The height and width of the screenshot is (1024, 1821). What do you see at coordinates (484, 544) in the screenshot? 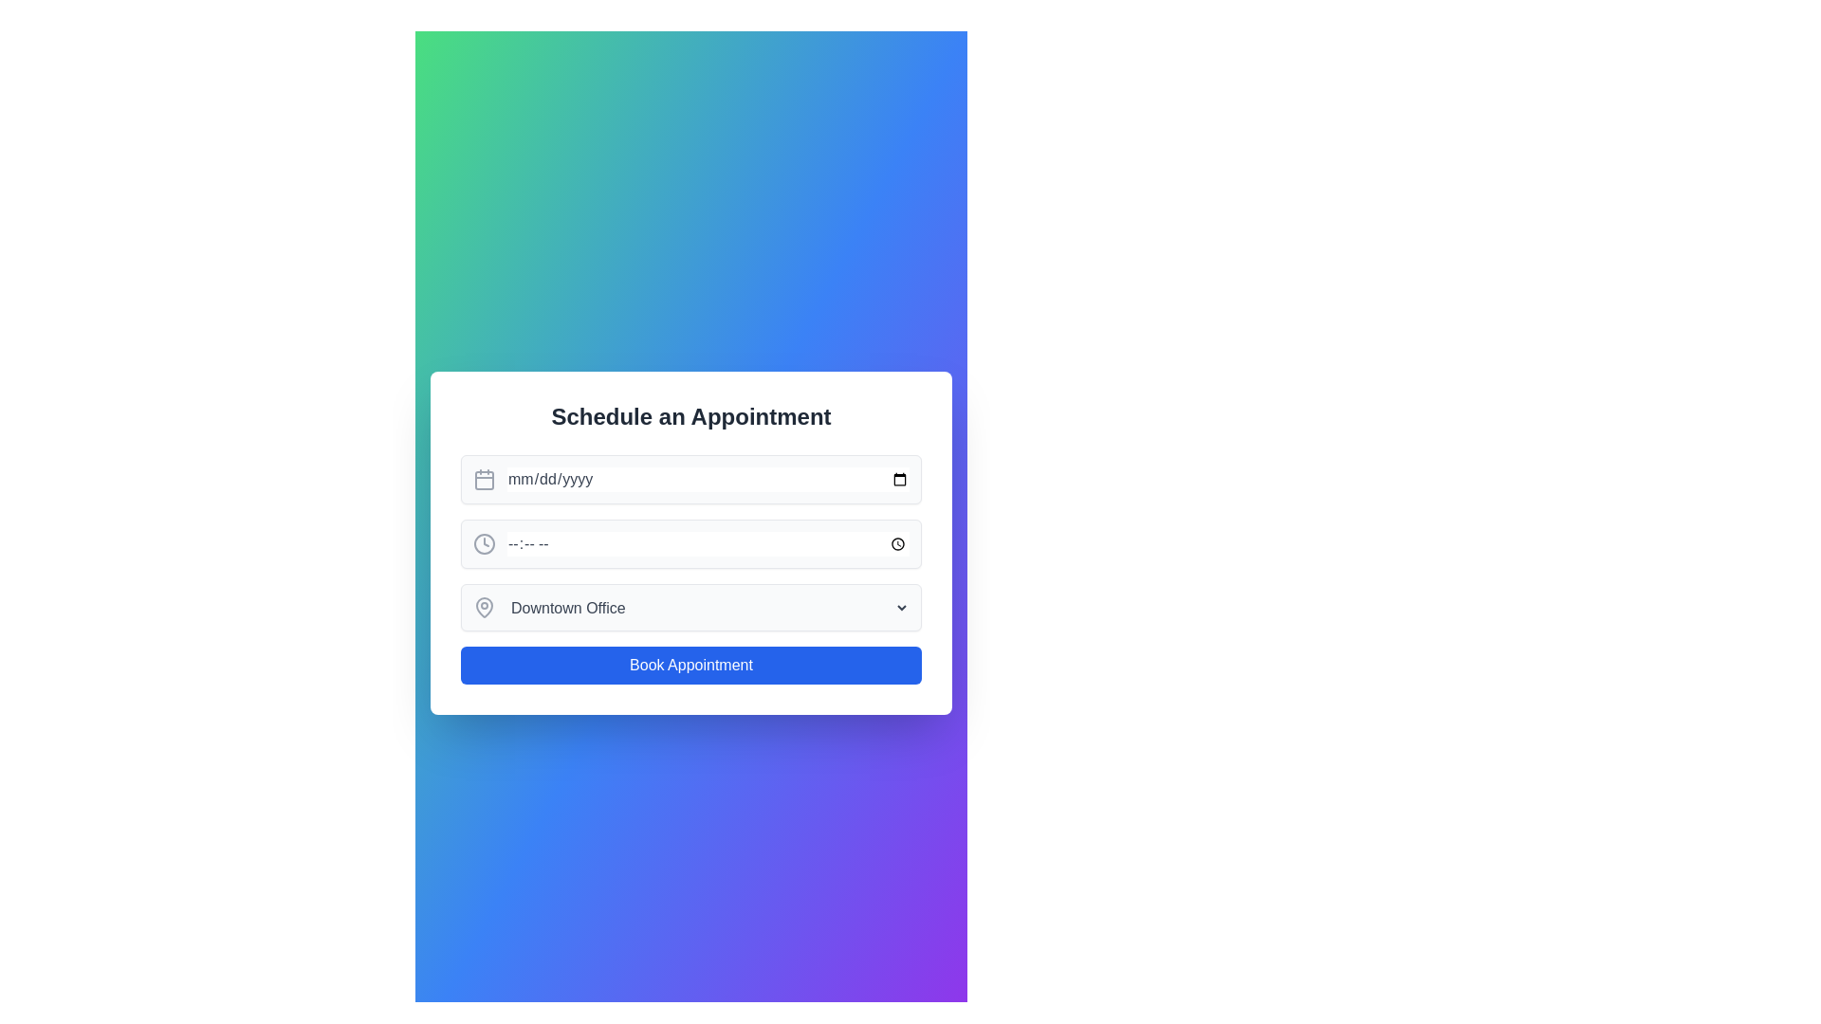
I see `the clock icon element that is part of the time input UI component in the 'Schedule an Appointment' form` at bounding box center [484, 544].